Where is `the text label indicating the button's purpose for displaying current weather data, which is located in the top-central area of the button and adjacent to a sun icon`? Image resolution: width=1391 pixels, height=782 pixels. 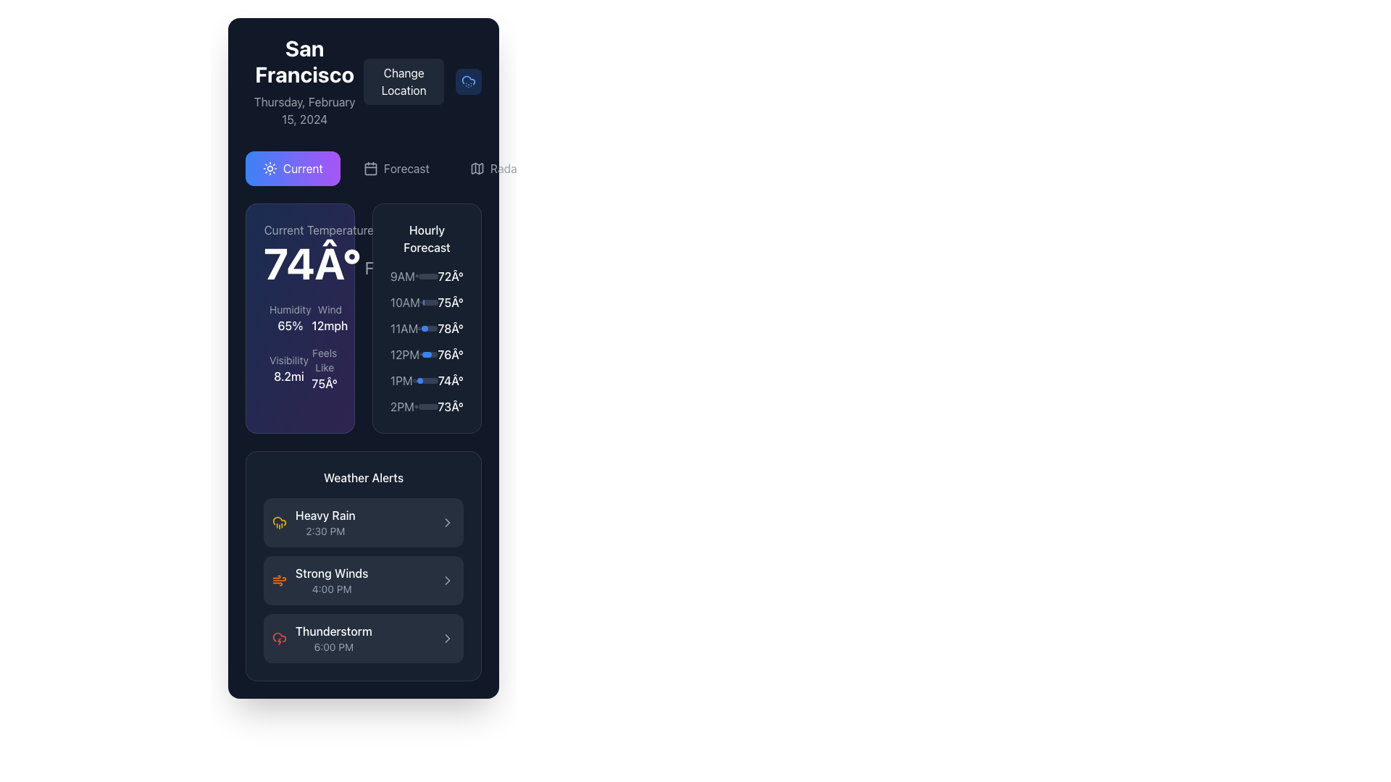 the text label indicating the button's purpose for displaying current weather data, which is located in the top-central area of the button and adjacent to a sun icon is located at coordinates (302, 167).